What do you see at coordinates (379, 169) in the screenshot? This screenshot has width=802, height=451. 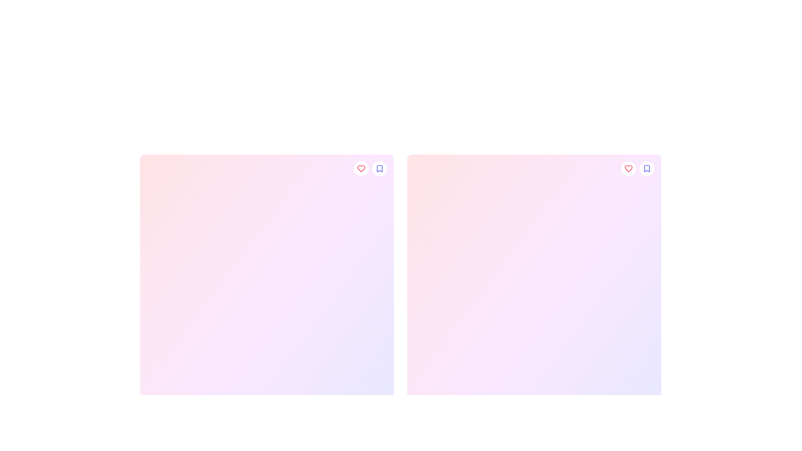 I see `the bookmark button, which is a white round button with a blue bookmark icon in the top-right corner, following a heart-shaped icon` at bounding box center [379, 169].